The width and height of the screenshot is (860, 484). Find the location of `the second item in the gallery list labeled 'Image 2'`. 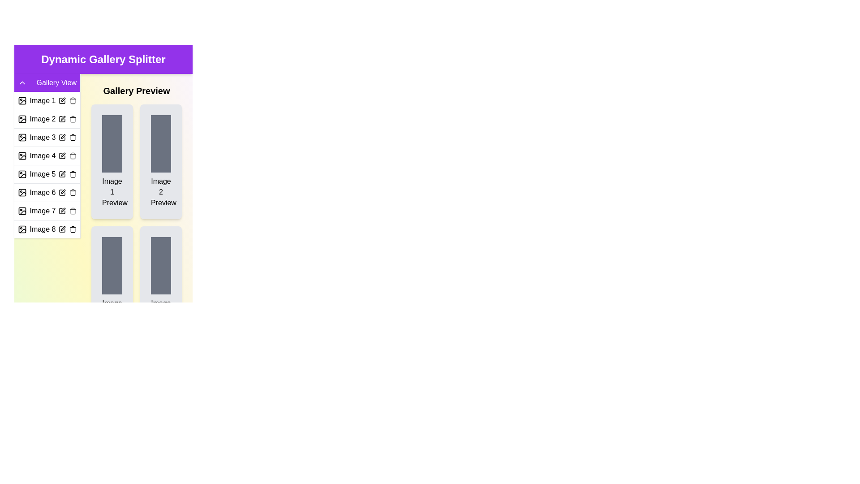

the second item in the gallery list labeled 'Image 2' is located at coordinates (47, 118).